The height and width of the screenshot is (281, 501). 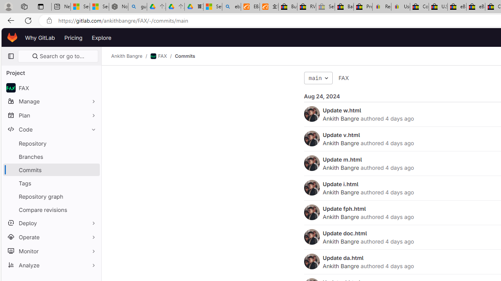 What do you see at coordinates (51, 115) in the screenshot?
I see `'Plan'` at bounding box center [51, 115].